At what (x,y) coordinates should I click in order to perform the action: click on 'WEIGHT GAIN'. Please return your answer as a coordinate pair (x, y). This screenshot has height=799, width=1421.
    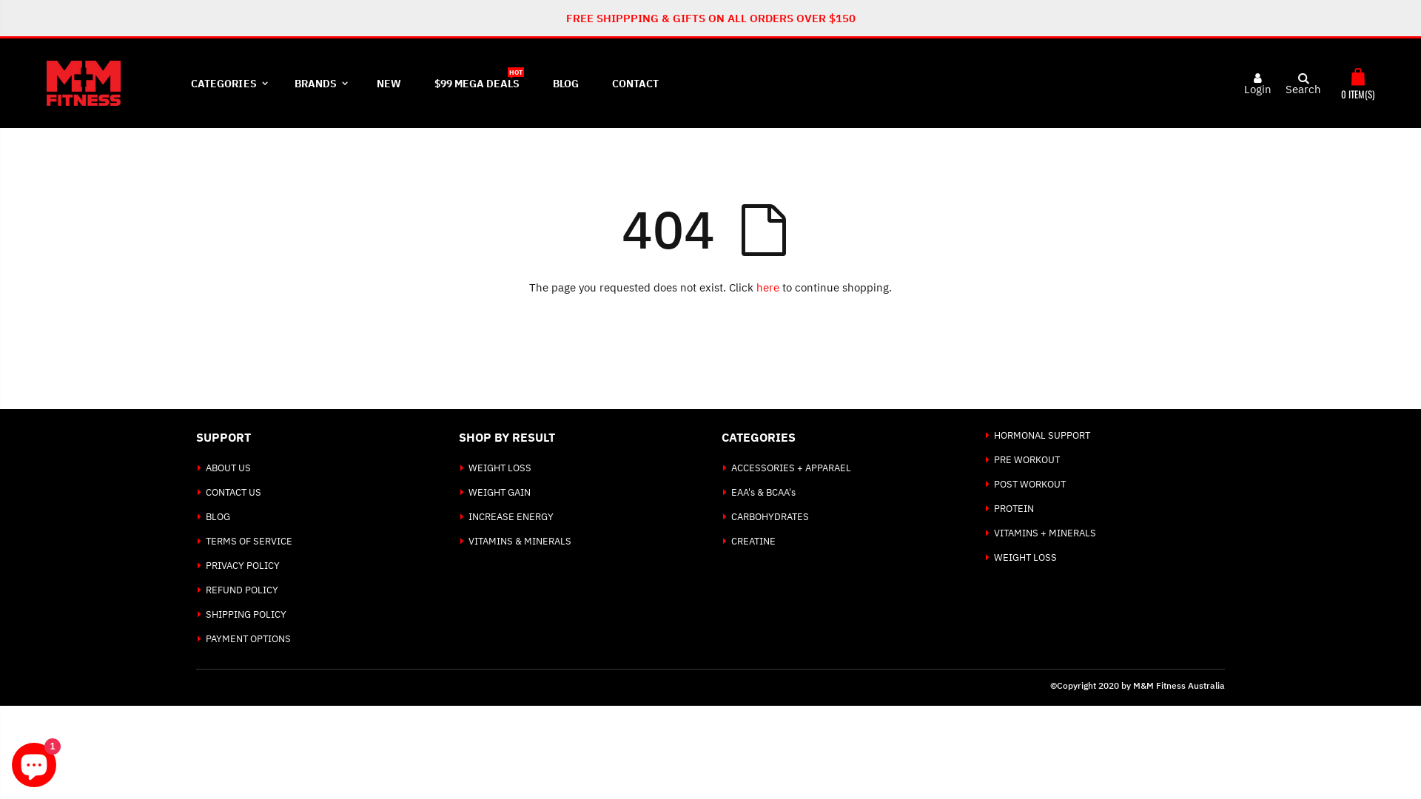
    Looking at the image, I should click on (500, 492).